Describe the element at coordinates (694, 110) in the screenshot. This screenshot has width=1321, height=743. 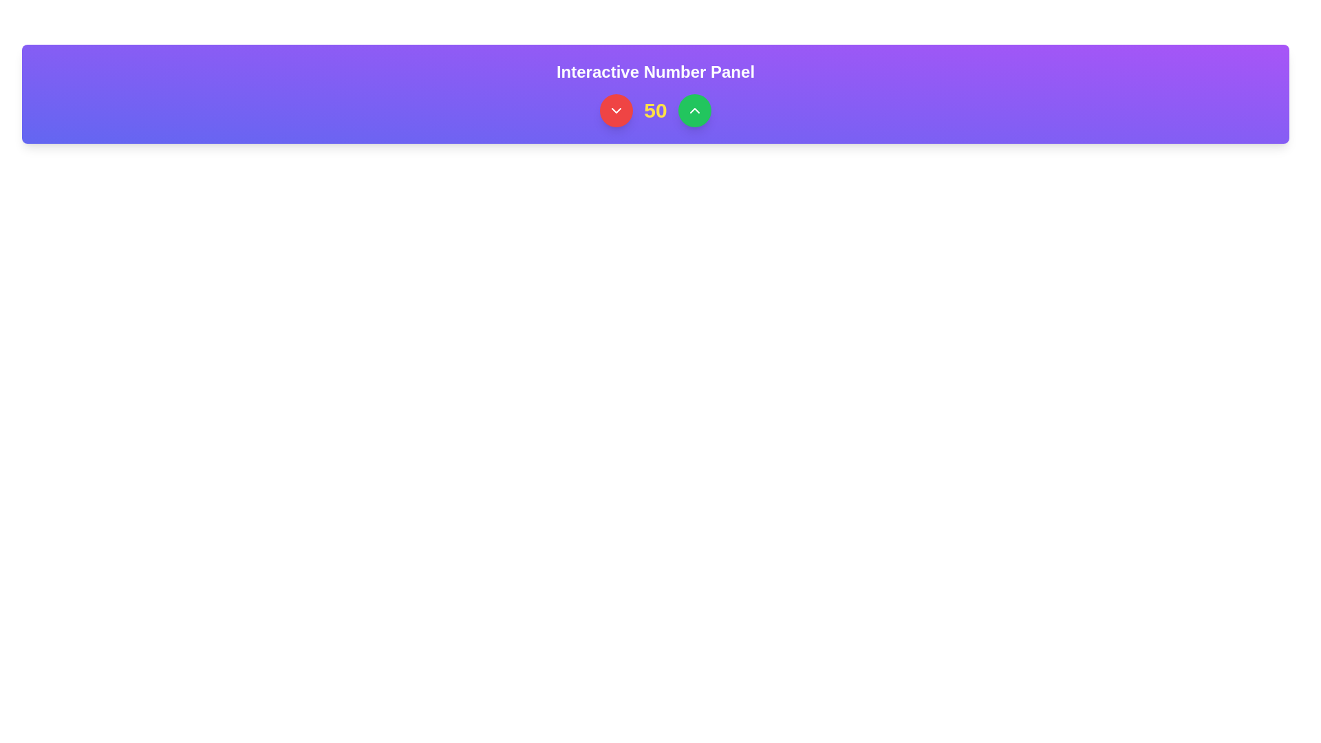
I see `the upward-pointing icon button` at that location.